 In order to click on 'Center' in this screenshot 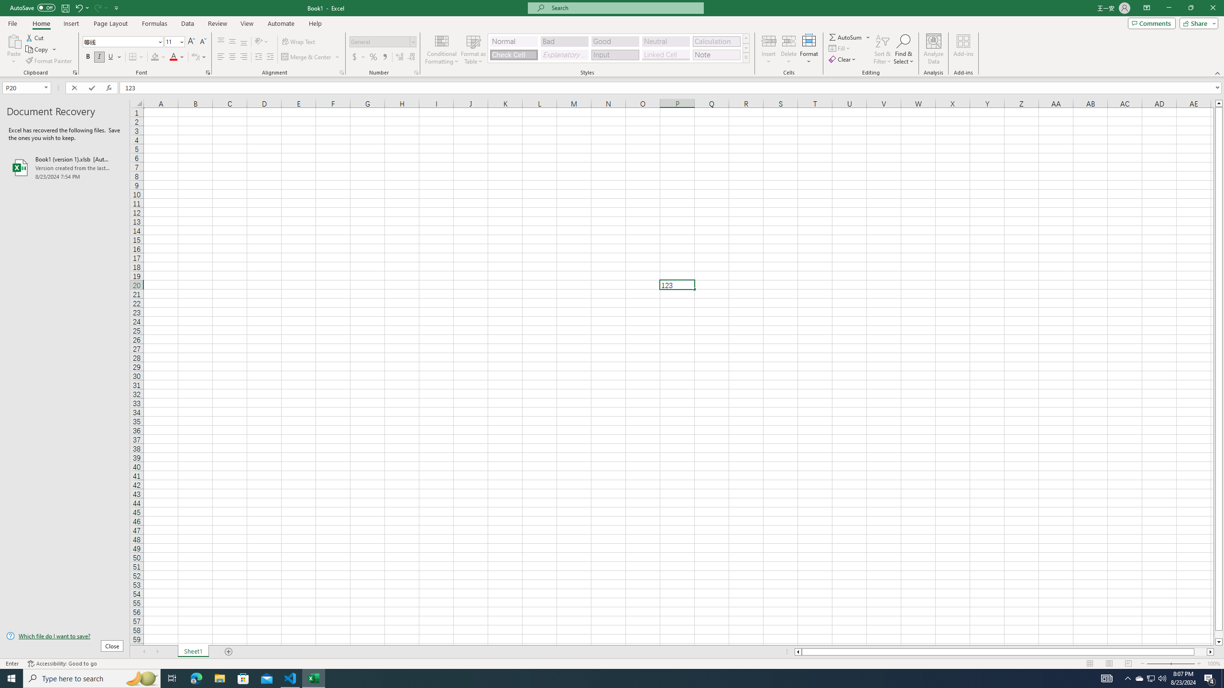, I will do `click(232, 56)`.